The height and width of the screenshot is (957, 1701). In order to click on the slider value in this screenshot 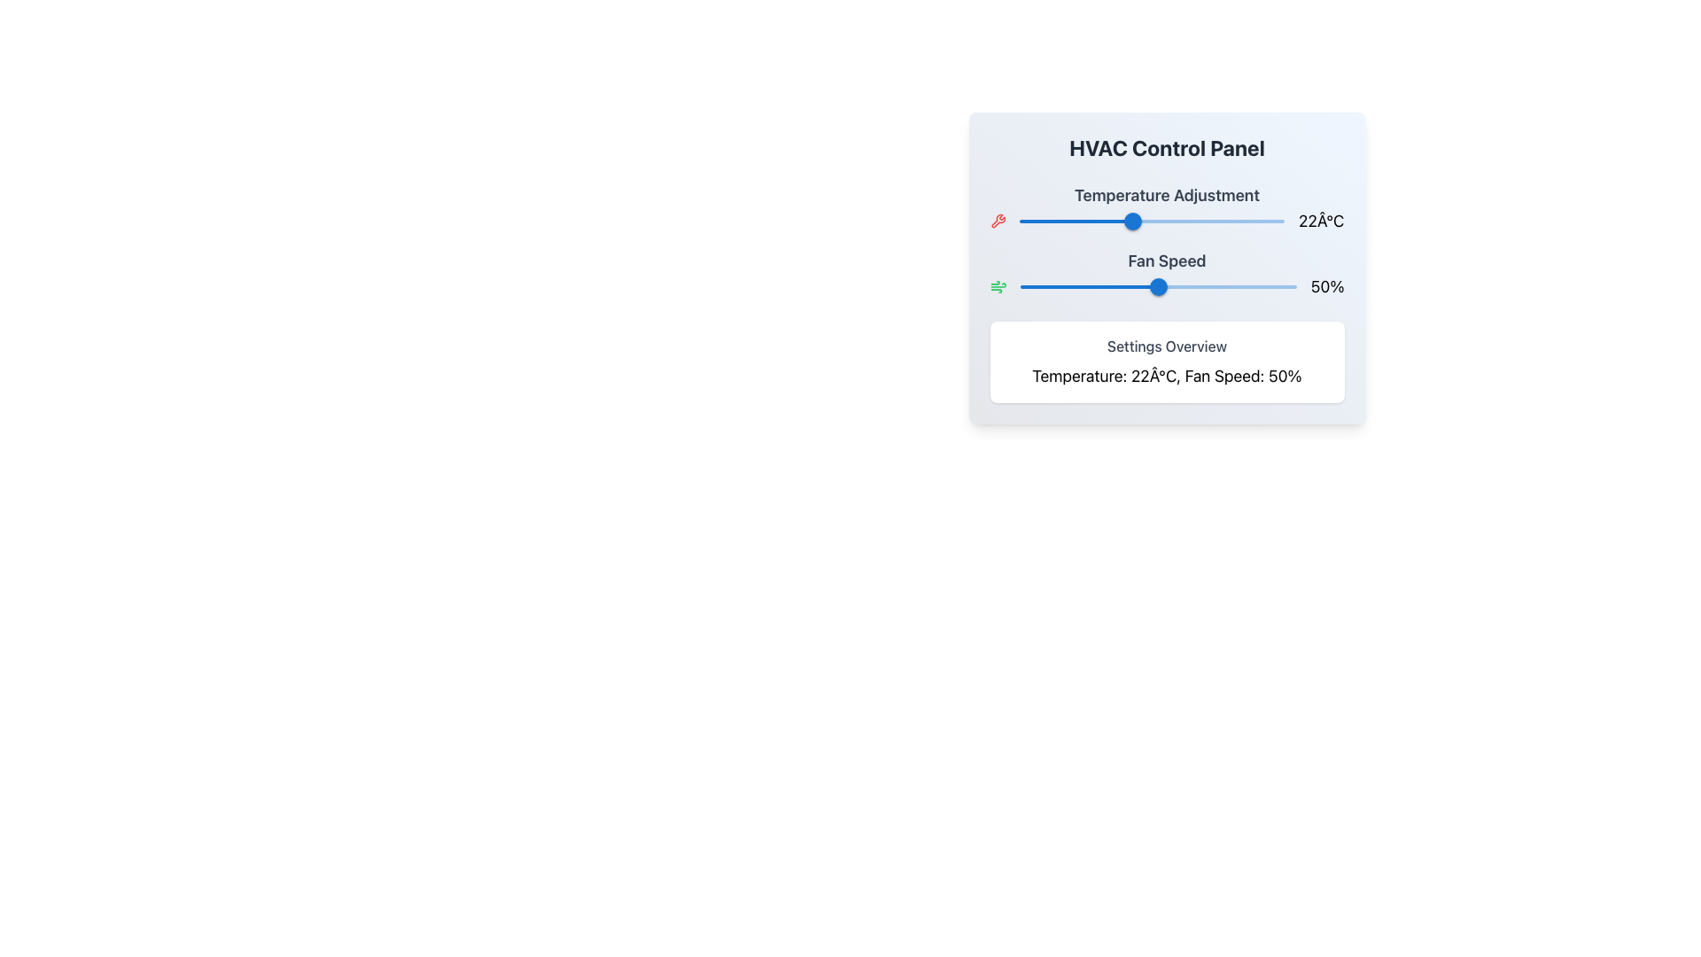, I will do `click(1023, 286)`.